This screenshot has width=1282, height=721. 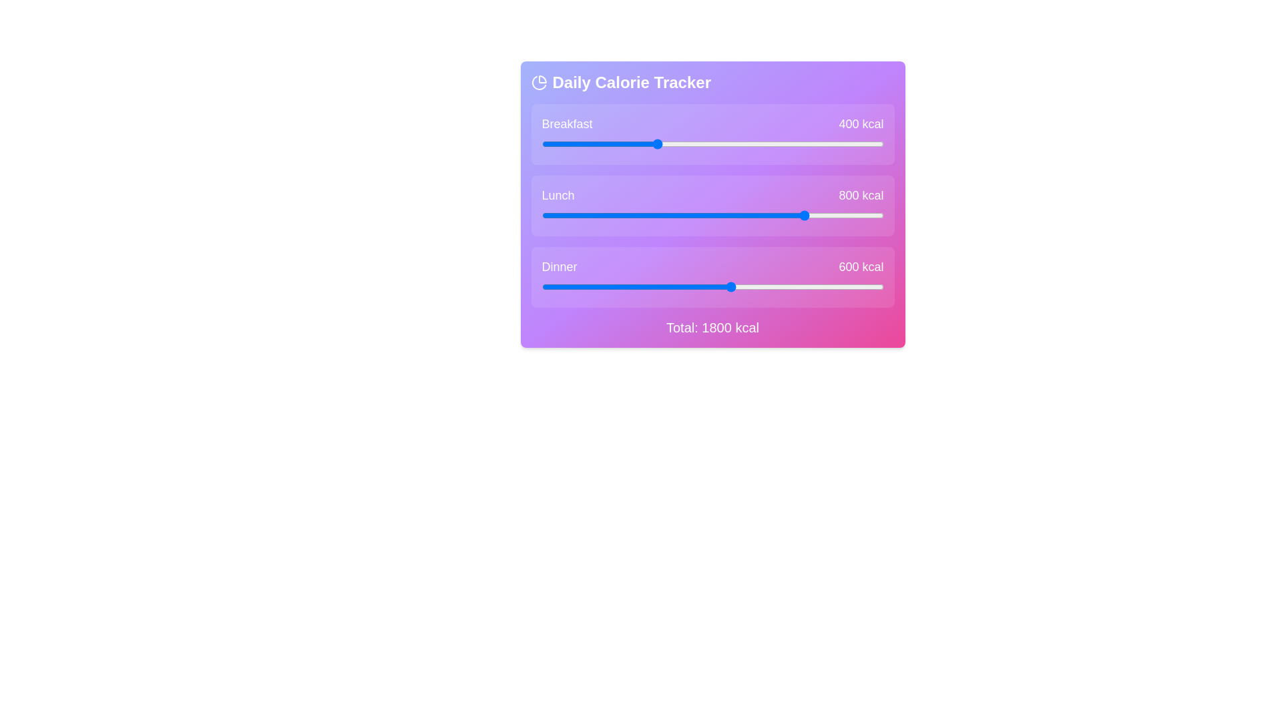 What do you see at coordinates (642, 215) in the screenshot?
I see `the lunch calorie value` at bounding box center [642, 215].